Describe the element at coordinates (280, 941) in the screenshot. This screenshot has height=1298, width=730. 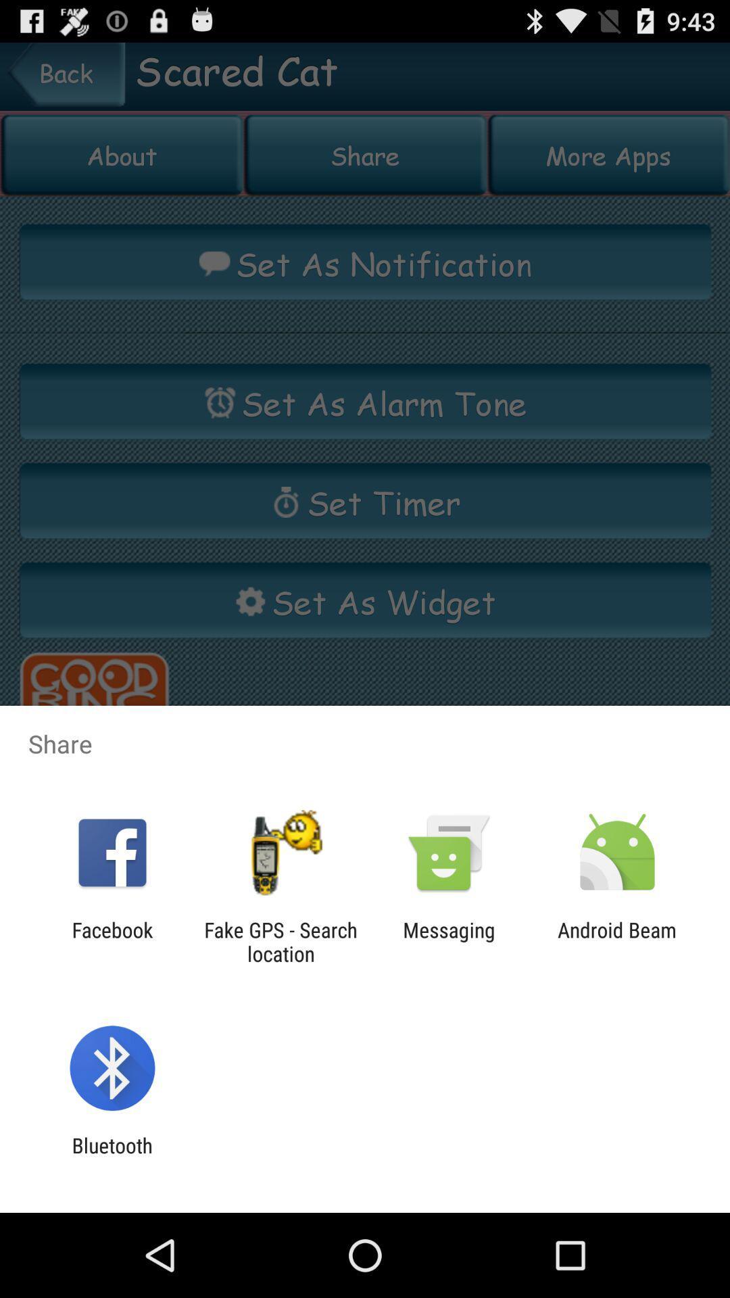
I see `fake gps search item` at that location.